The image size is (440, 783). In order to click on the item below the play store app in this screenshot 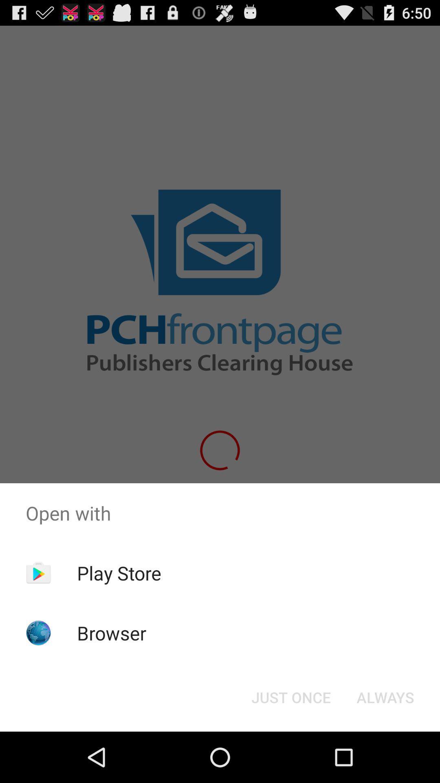, I will do `click(112, 633)`.